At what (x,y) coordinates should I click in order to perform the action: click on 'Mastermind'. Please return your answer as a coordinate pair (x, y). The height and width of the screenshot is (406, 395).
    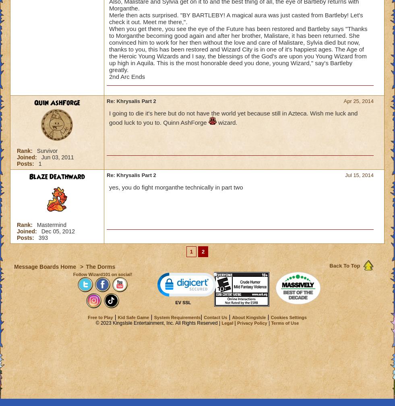
    Looking at the image, I should click on (51, 225).